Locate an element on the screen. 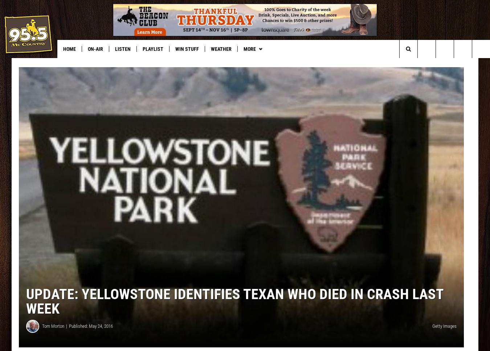 The height and width of the screenshot is (351, 490). 'What's Hot:' is located at coordinates (19, 64).